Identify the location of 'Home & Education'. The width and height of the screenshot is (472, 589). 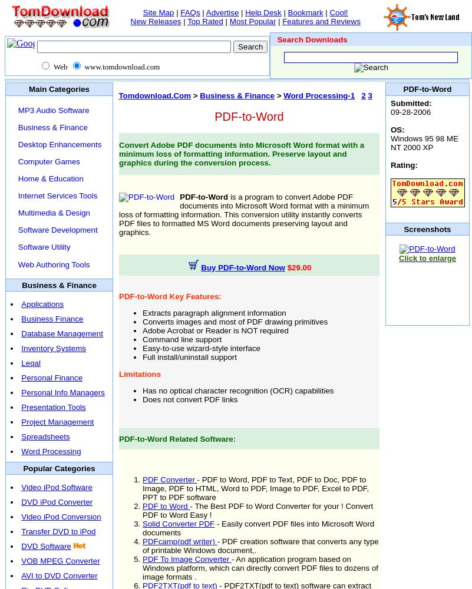
(18, 178).